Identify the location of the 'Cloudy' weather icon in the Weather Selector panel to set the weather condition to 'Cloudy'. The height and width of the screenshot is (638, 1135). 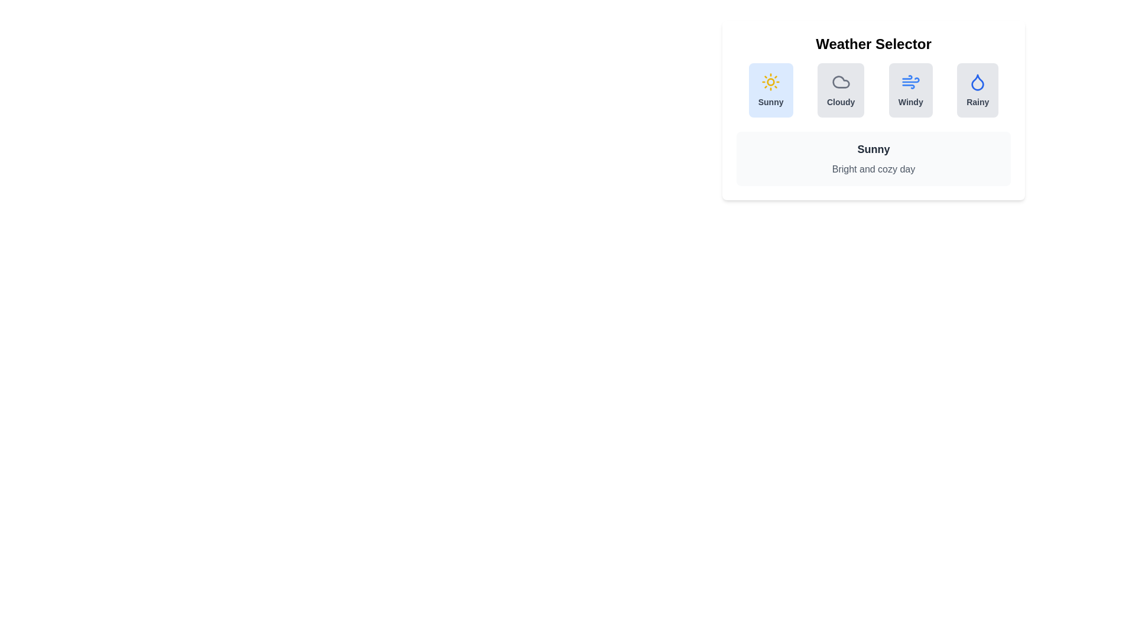
(839, 81).